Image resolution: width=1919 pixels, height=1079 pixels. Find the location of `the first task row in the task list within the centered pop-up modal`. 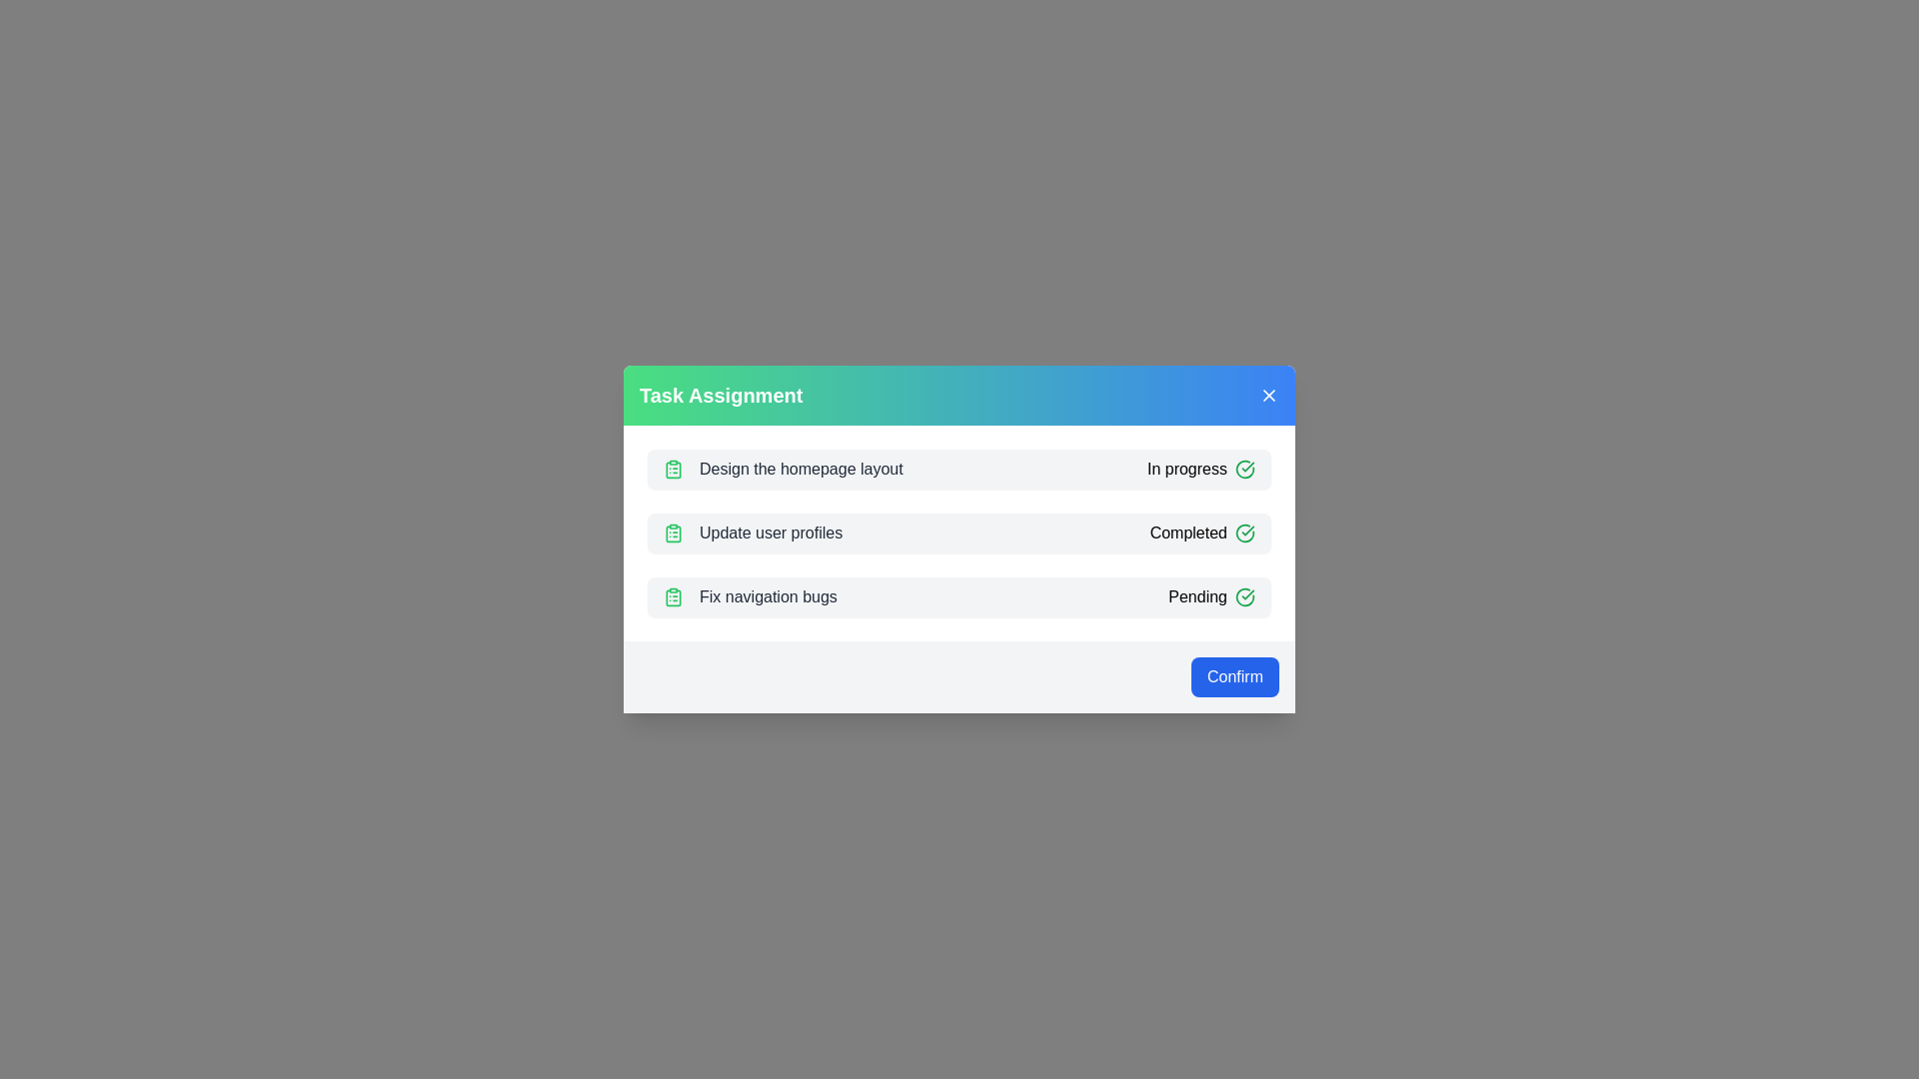

the first task row in the task list within the centered pop-up modal is located at coordinates (959, 470).